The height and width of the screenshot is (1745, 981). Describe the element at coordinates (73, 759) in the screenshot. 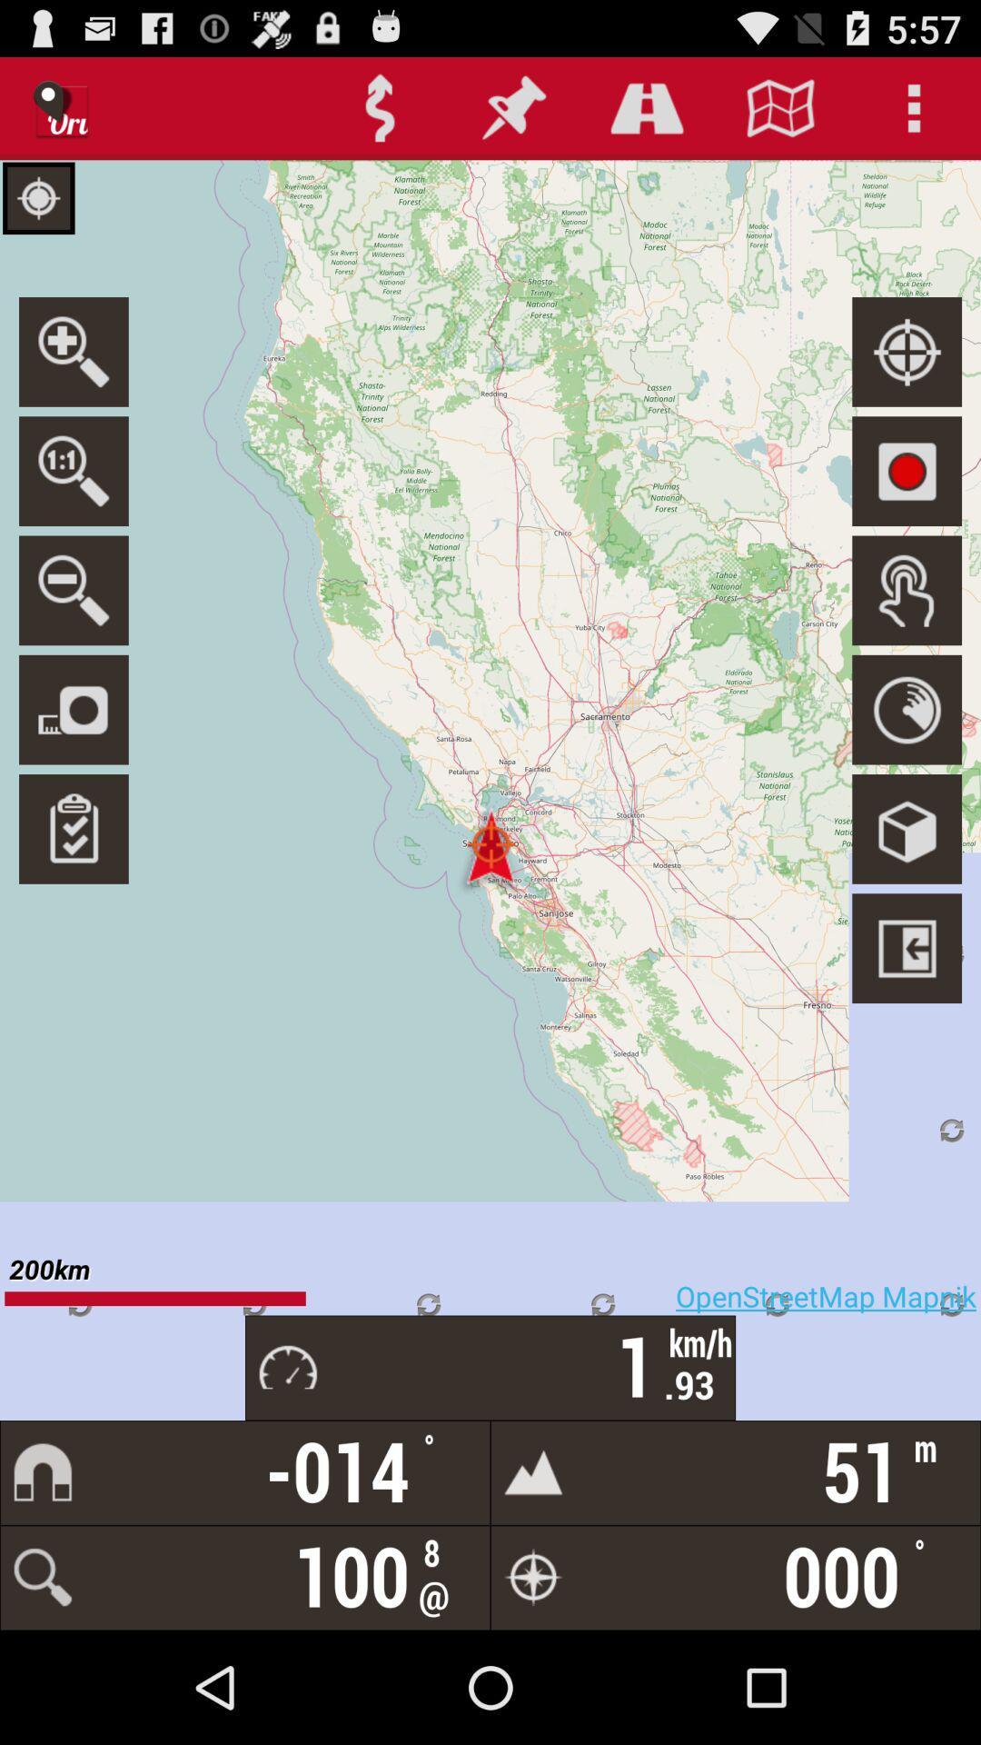

I see `the photo icon` at that location.